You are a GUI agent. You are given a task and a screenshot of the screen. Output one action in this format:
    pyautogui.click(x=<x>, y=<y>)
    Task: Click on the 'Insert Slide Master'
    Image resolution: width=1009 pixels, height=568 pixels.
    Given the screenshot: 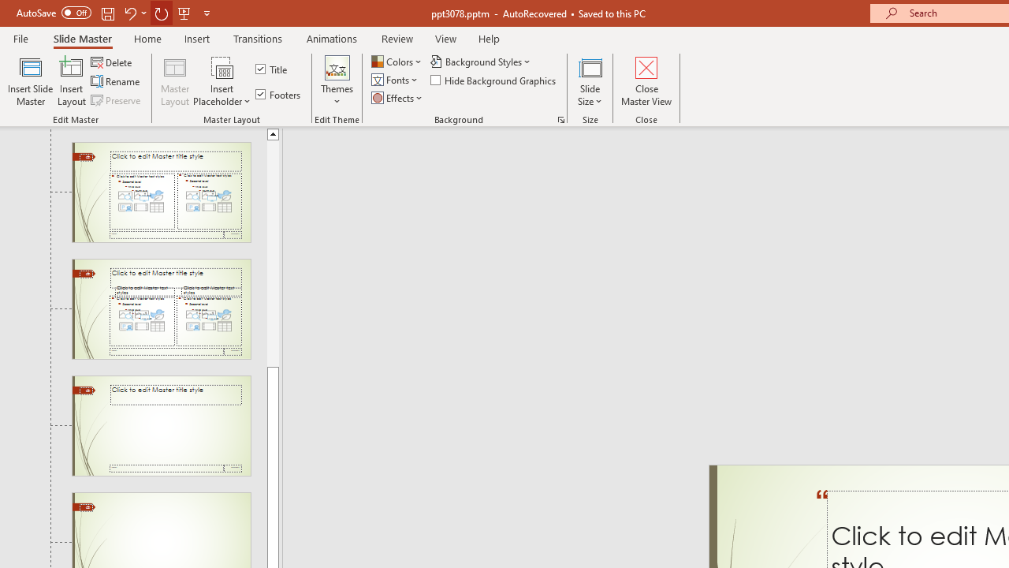 What is the action you would take?
    pyautogui.click(x=31, y=81)
    